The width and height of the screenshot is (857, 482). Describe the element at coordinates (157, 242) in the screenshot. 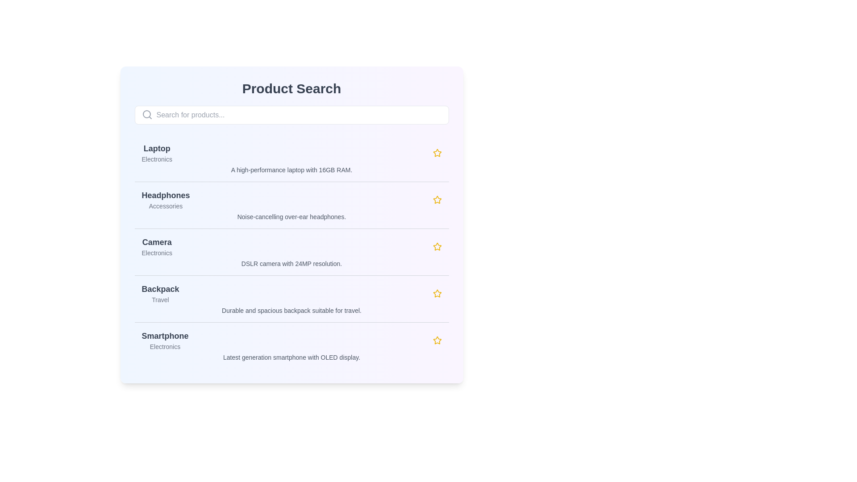

I see `the 'Camera' text label, which is styled with a larger font size and bold formatting, located in the 'Product Search' section as the third item in the list` at that location.